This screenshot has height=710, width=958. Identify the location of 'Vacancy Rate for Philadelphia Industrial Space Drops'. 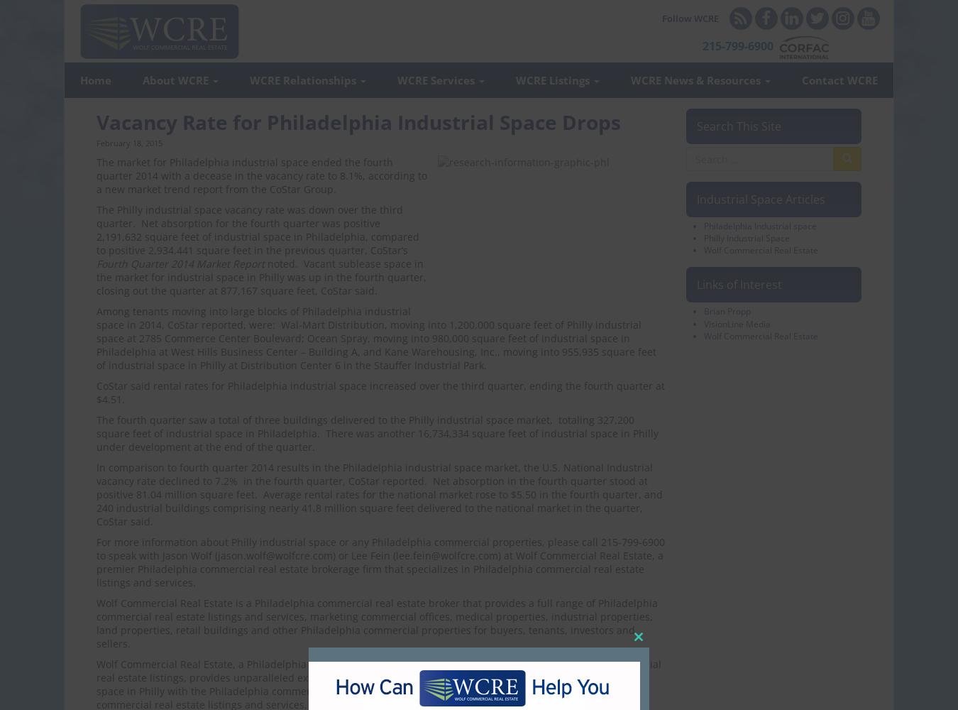
(358, 122).